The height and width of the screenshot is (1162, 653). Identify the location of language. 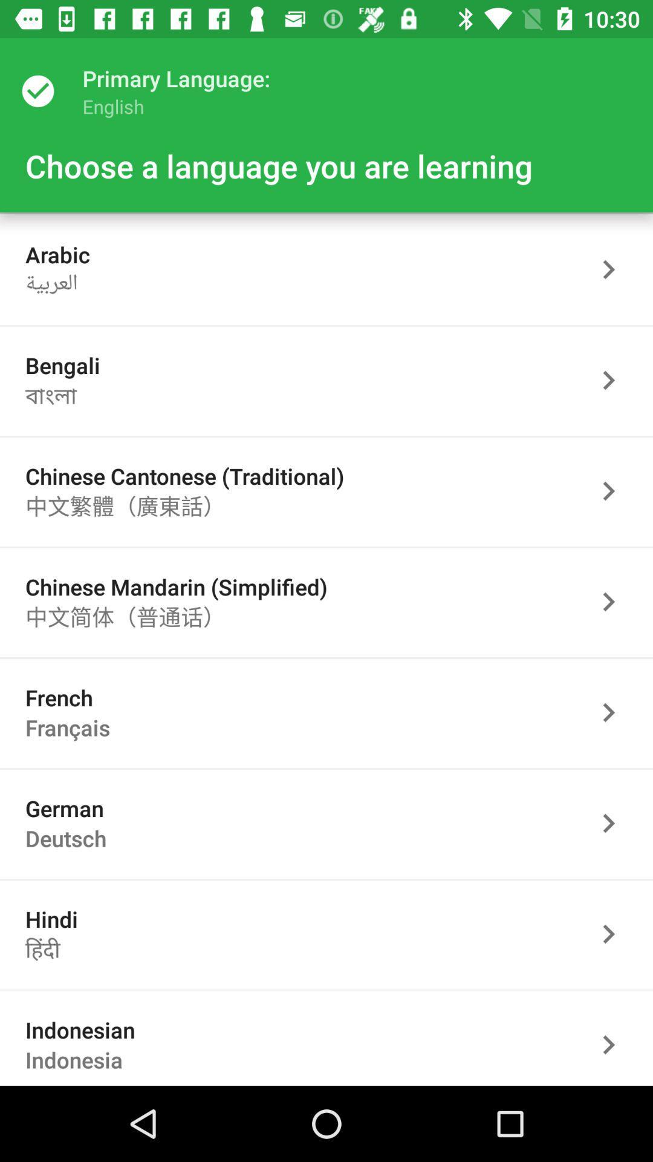
(615, 602).